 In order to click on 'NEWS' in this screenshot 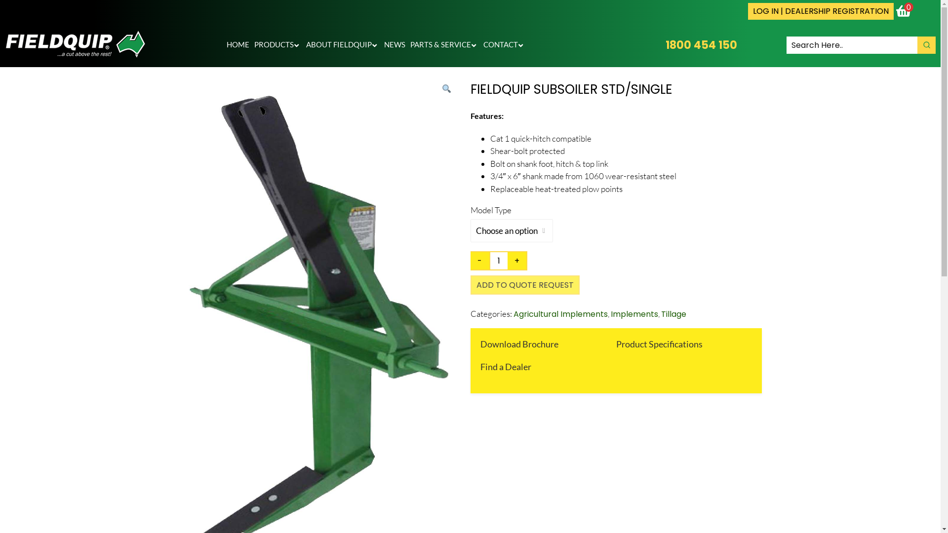, I will do `click(394, 45)`.